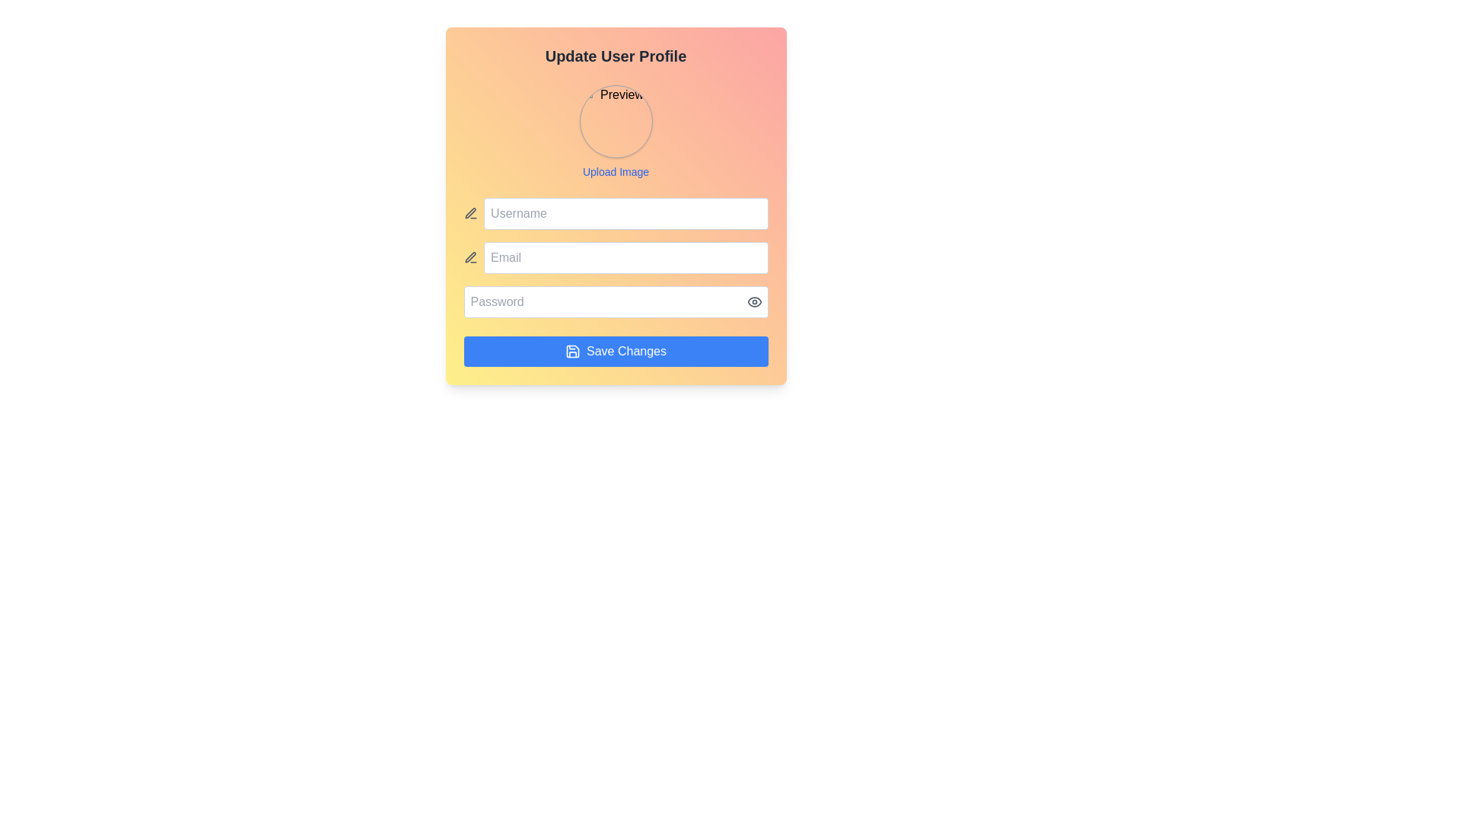 The image size is (1461, 822). Describe the element at coordinates (572, 352) in the screenshot. I see `the save icon resembling a floppy disk, which is styled in blue and white, located within the 'Save Changes' button, positioned towards the left of the button's text` at that location.